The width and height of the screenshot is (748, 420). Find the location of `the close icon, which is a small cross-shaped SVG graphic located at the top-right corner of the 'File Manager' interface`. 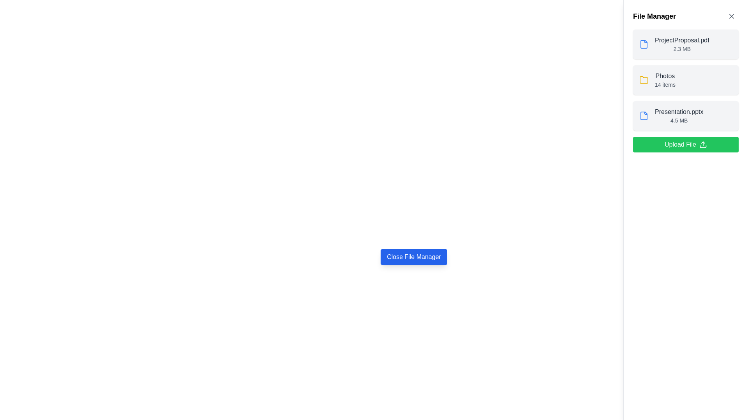

the close icon, which is a small cross-shaped SVG graphic located at the top-right corner of the 'File Manager' interface is located at coordinates (731, 16).